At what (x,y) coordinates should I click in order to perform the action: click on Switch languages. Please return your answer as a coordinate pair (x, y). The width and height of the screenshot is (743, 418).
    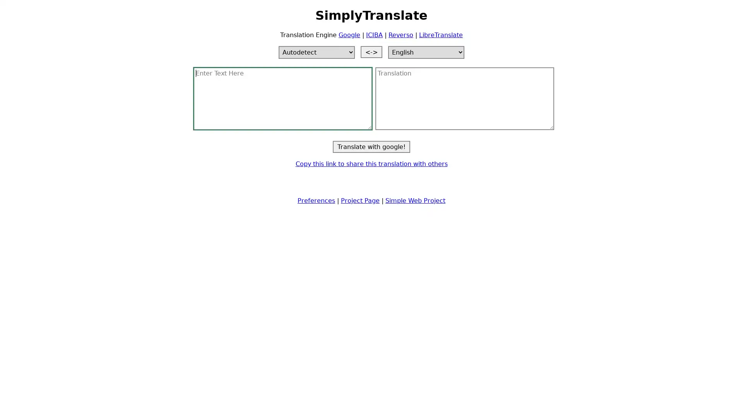
    Looking at the image, I should click on (371, 51).